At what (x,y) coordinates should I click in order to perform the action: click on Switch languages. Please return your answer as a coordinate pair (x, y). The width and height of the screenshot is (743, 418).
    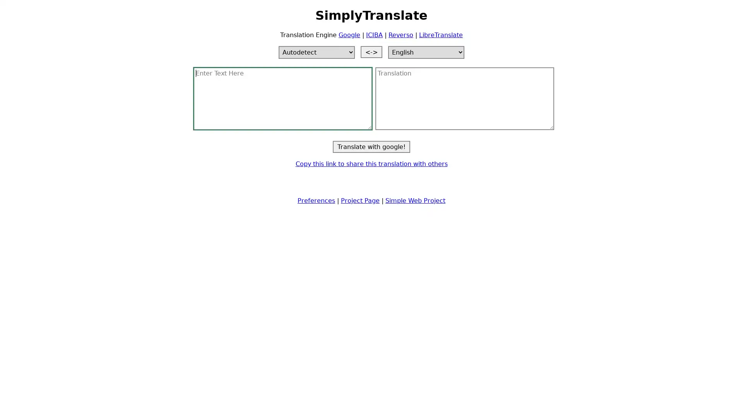
    Looking at the image, I should click on (371, 51).